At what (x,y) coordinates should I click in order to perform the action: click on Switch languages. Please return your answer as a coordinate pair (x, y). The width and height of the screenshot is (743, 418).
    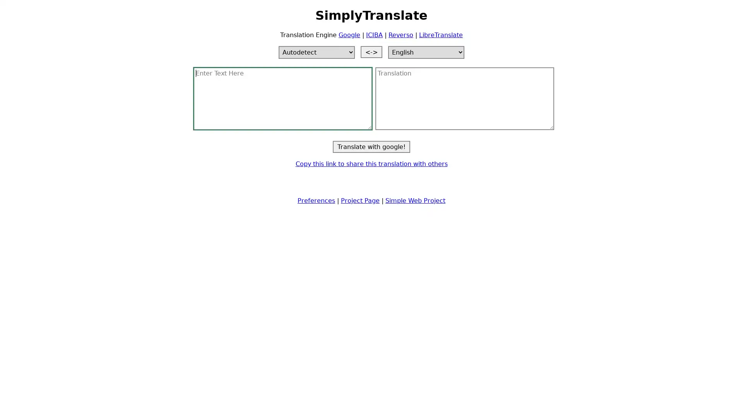
    Looking at the image, I should click on (371, 51).